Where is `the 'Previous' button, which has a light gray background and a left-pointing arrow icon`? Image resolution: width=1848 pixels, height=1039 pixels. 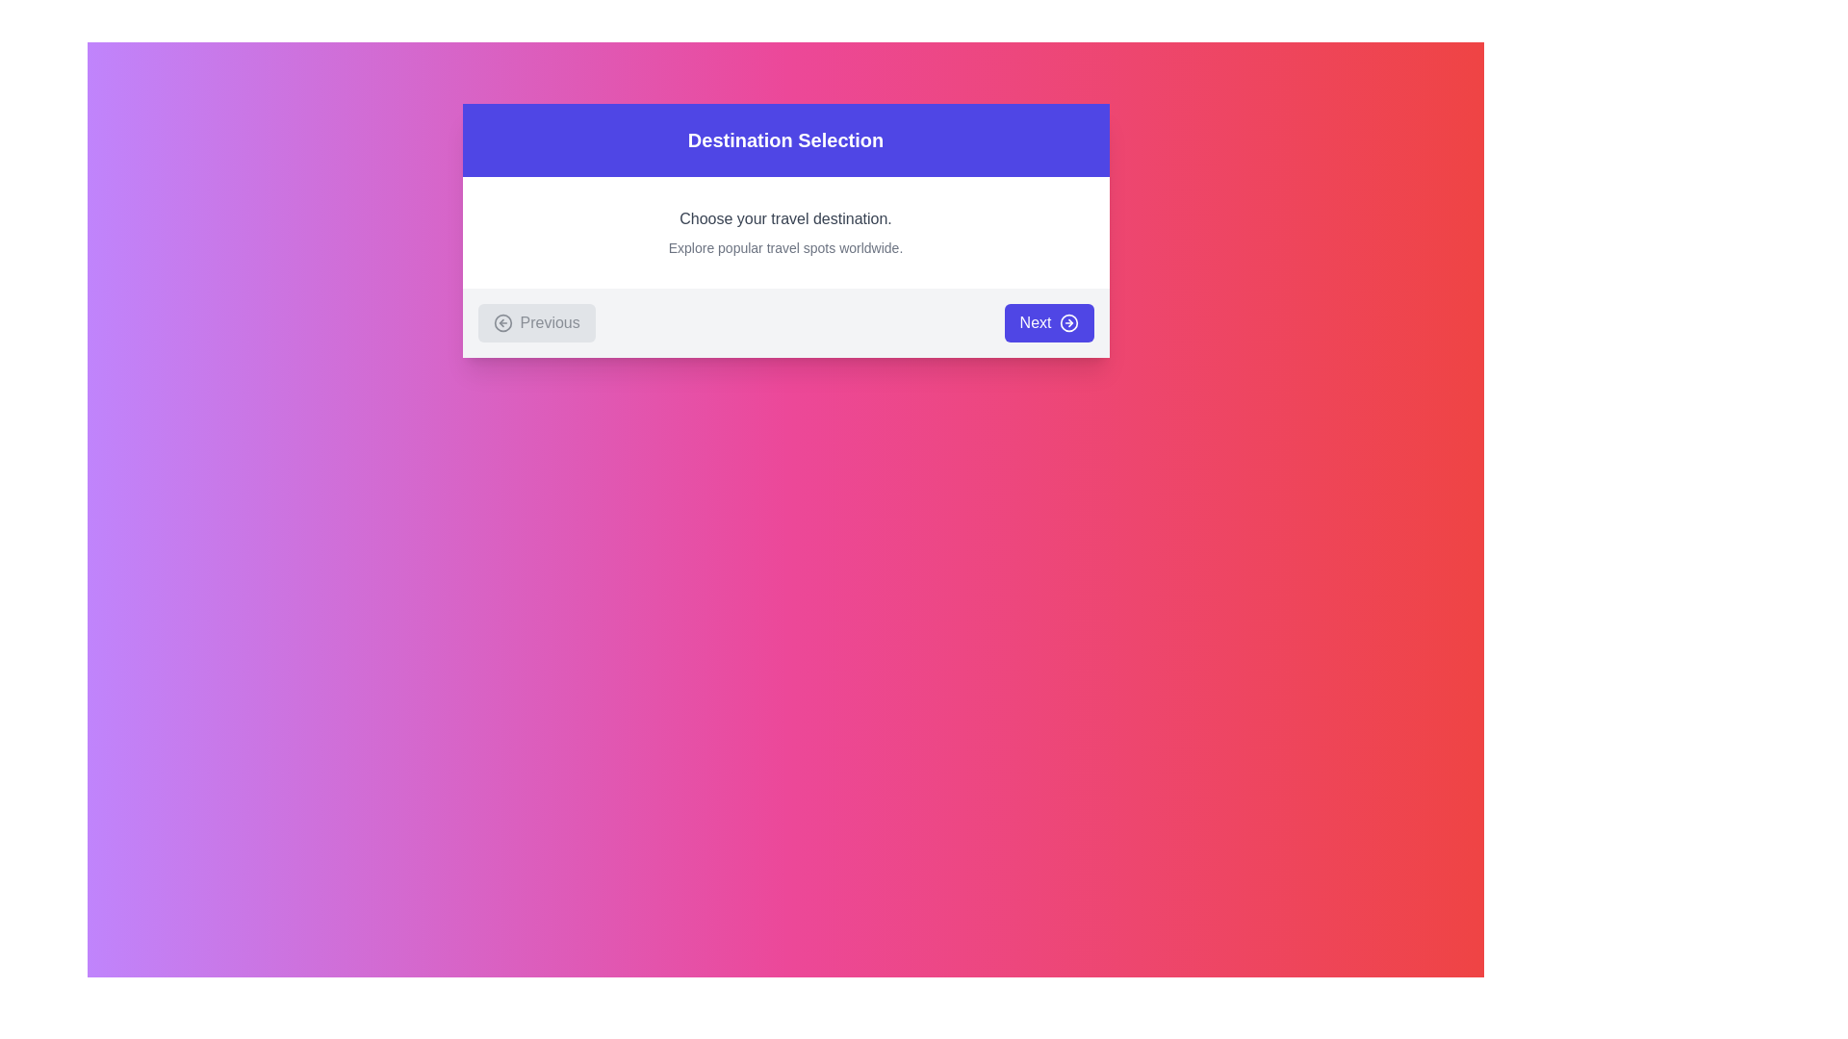
the 'Previous' button, which has a light gray background and a left-pointing arrow icon is located at coordinates (536, 321).